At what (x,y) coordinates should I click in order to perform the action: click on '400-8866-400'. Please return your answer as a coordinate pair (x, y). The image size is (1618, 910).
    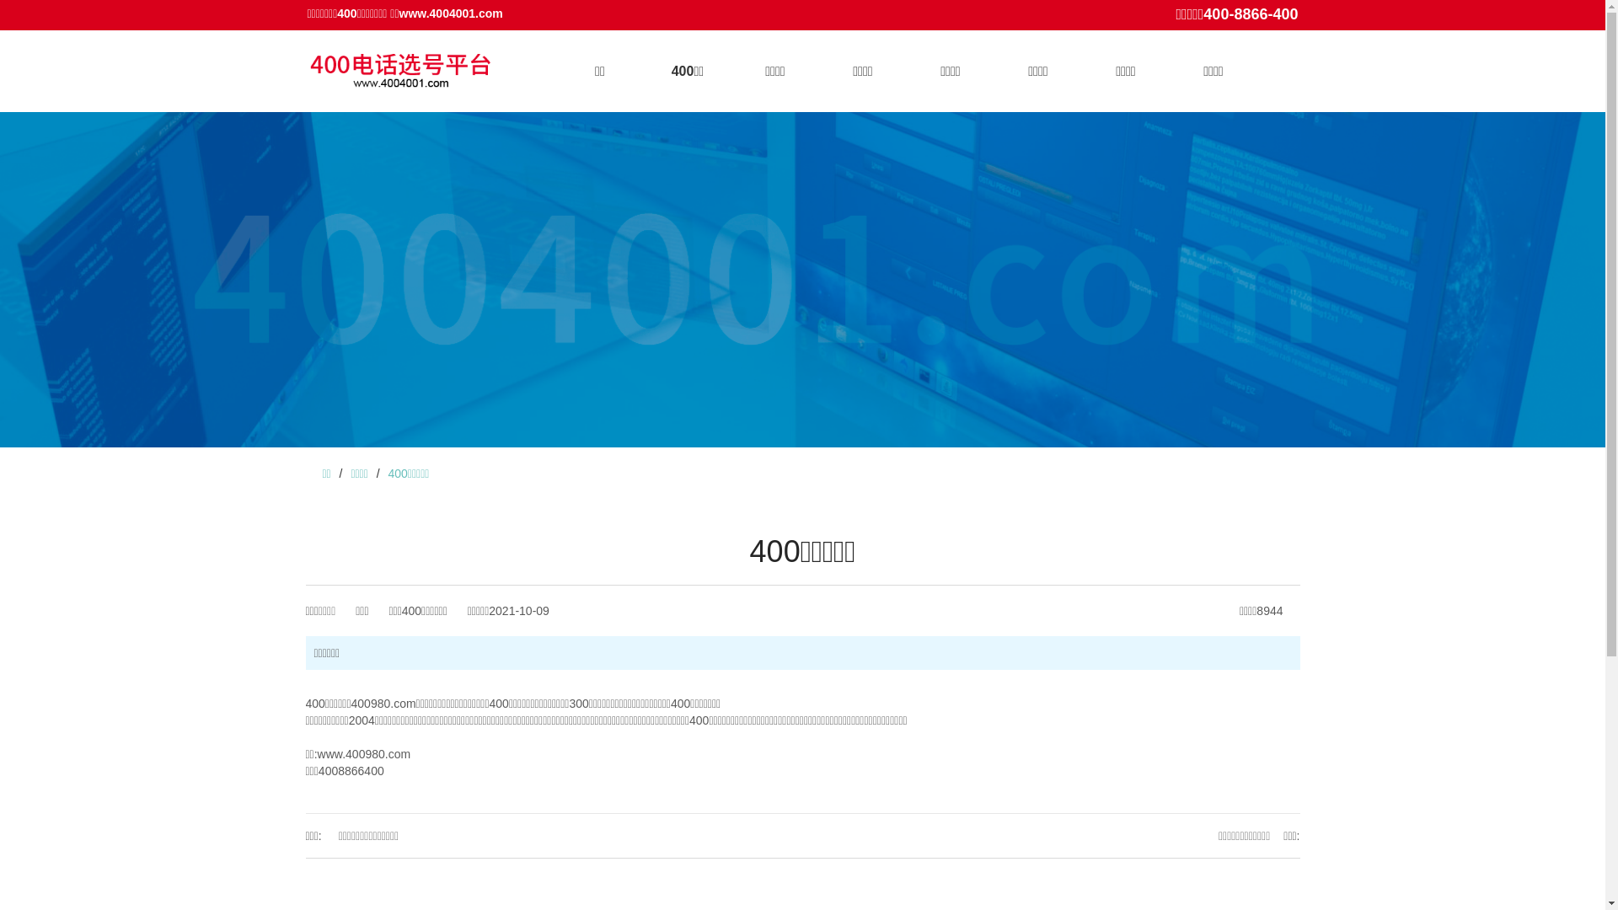
    Looking at the image, I should click on (1250, 13).